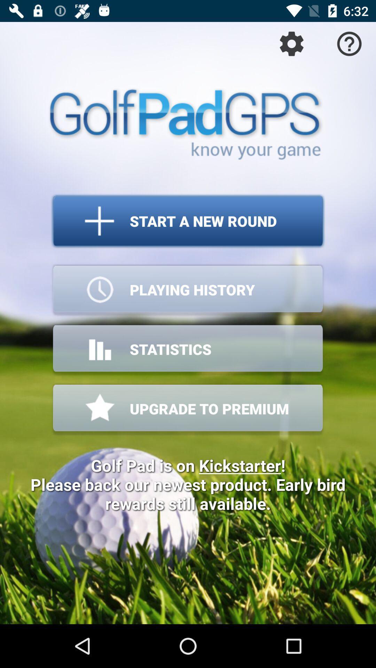  I want to click on help, so click(349, 43).